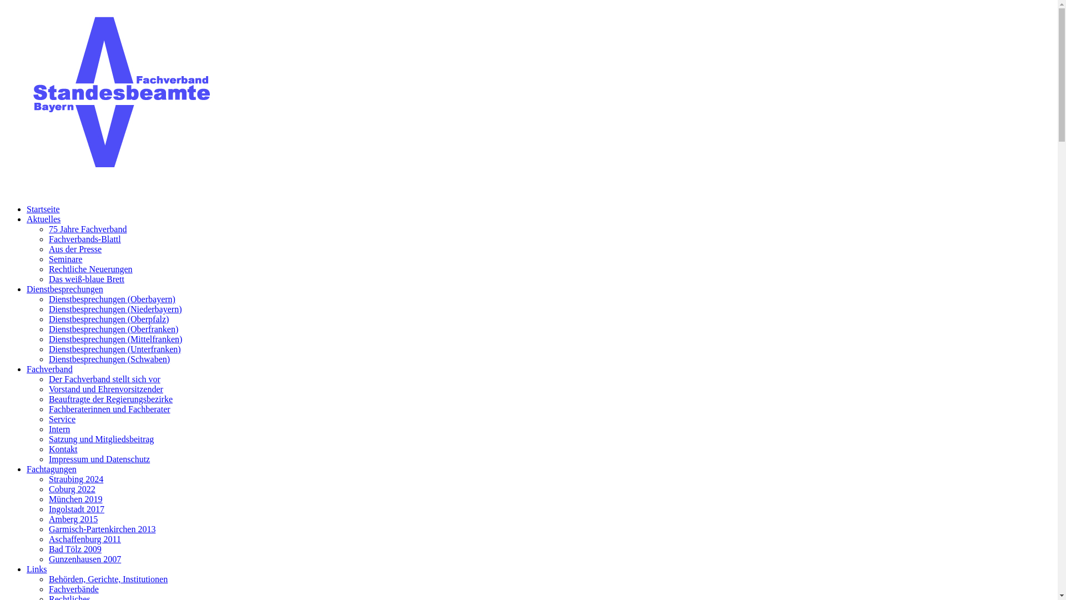  Describe the element at coordinates (58, 428) in the screenshot. I see `'Intern'` at that location.